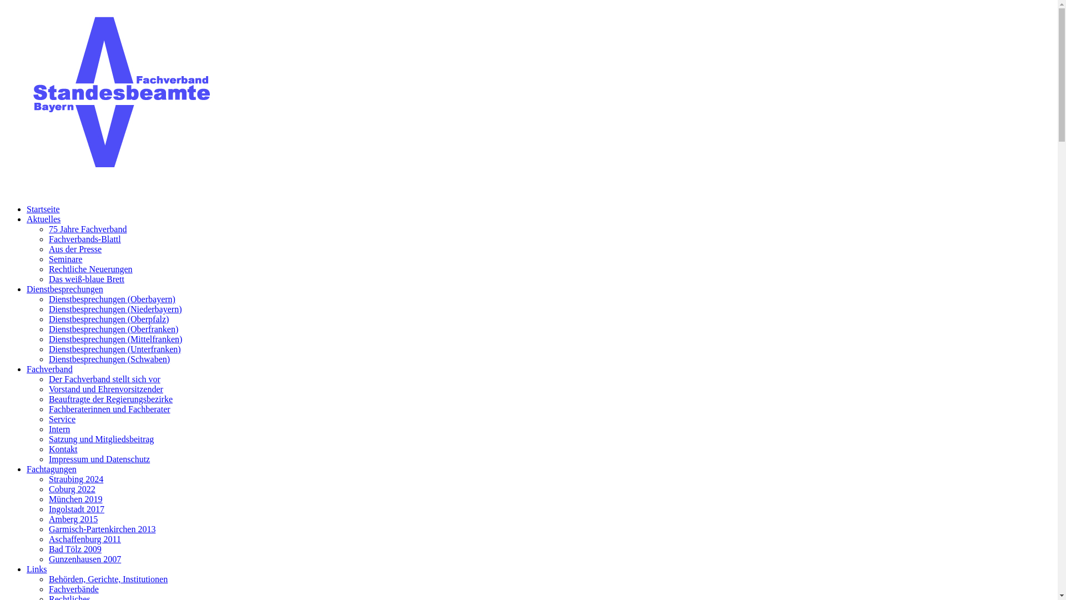  Describe the element at coordinates (58, 428) in the screenshot. I see `'Intern'` at that location.